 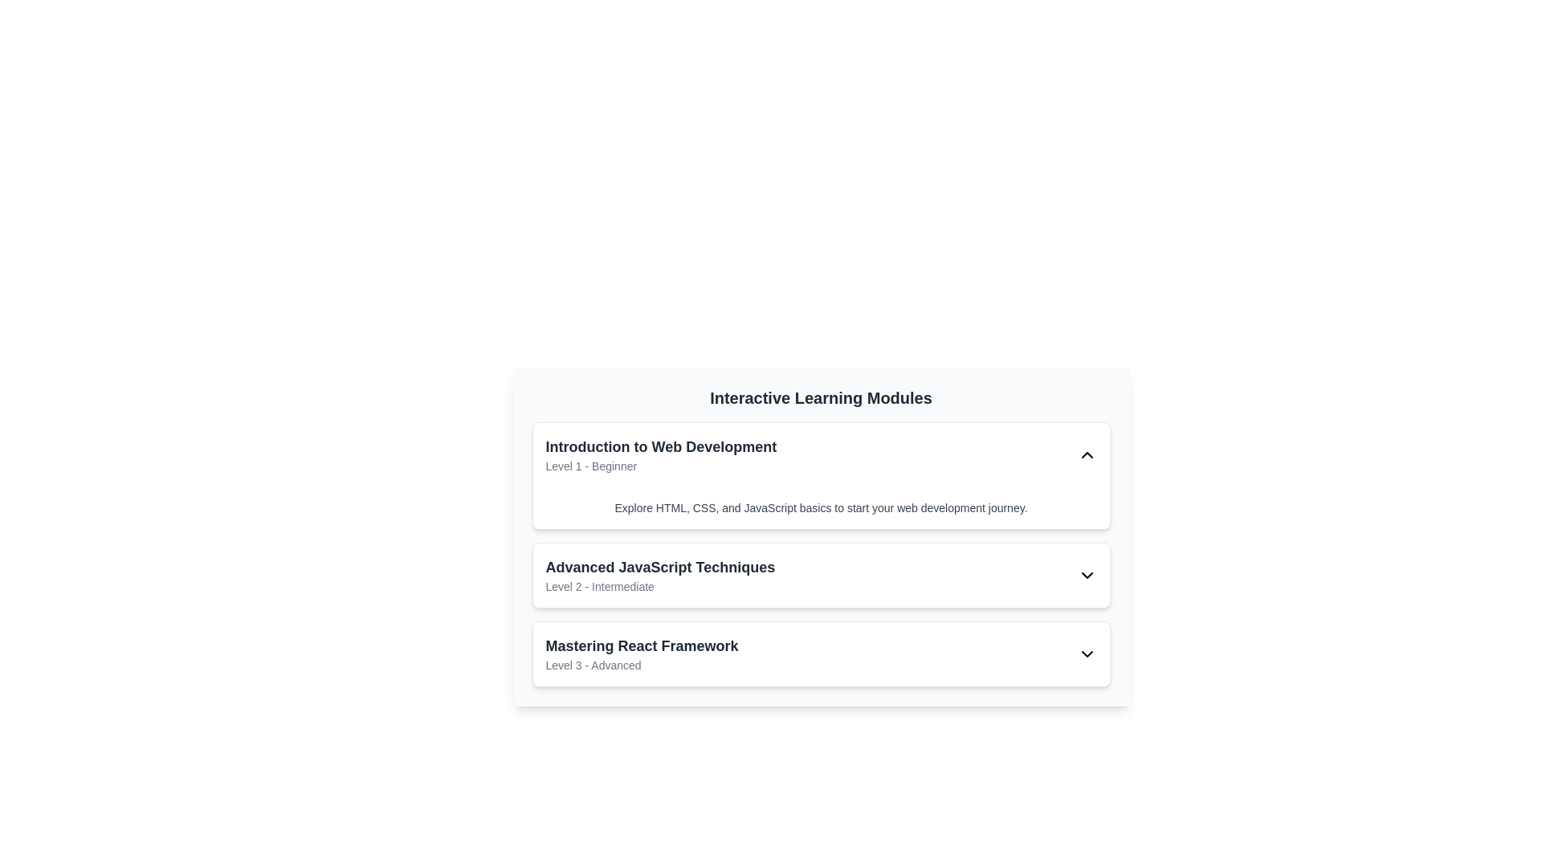 I want to click on the text element that serves as the title for the module, positioned above the descriptive subtext 'Level 2 - Intermediate', so click(x=660, y=566).